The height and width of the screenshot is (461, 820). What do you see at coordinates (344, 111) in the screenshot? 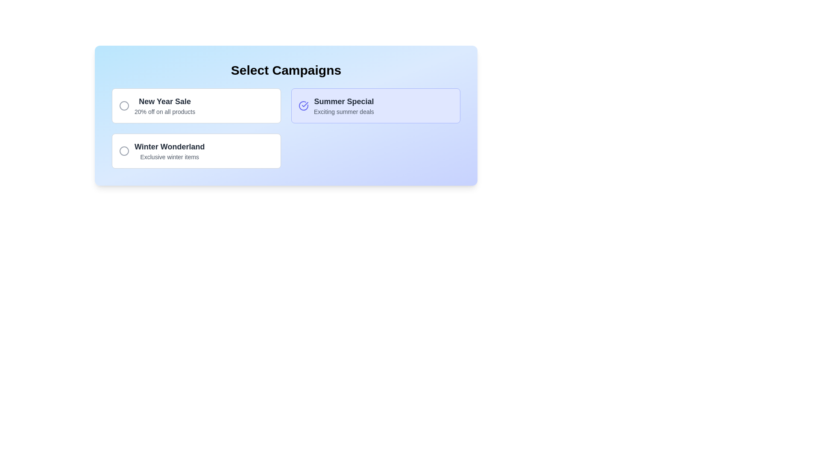
I see `the text label displaying 'Exciting summer deals', which is positioned below 'Summer Special' and is part of a selected section on the right side of the interface` at bounding box center [344, 111].